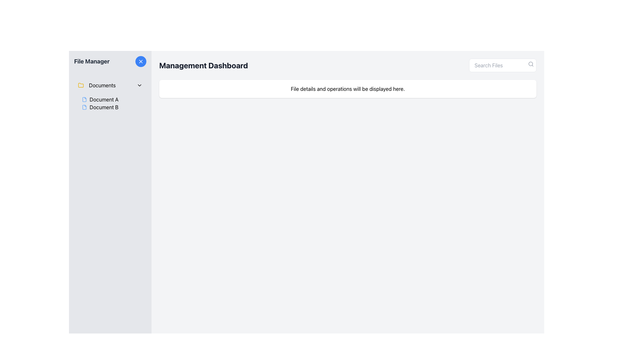 The height and width of the screenshot is (348, 619). Describe the element at coordinates (102, 85) in the screenshot. I see `the non-interactive text label representing the 'Documents' folder in the left sidebar of the File Manager interface` at that location.